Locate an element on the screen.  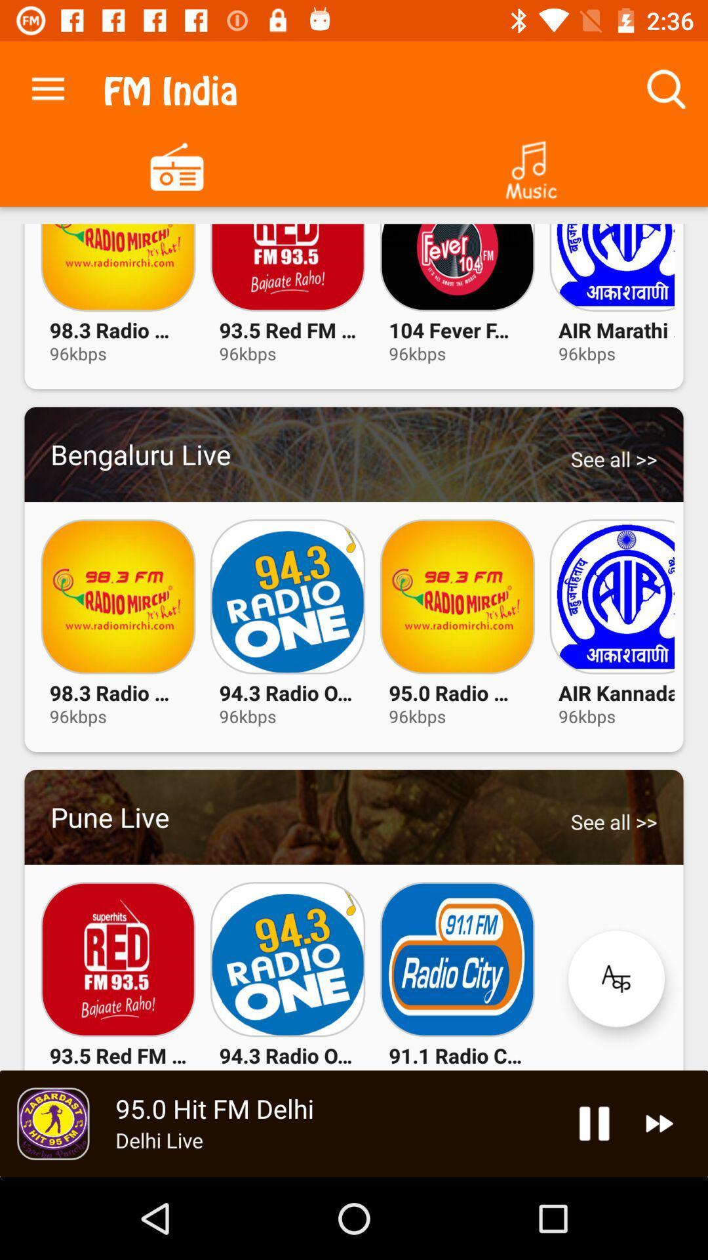
the logo above 943 radio o is located at coordinates (287, 959).